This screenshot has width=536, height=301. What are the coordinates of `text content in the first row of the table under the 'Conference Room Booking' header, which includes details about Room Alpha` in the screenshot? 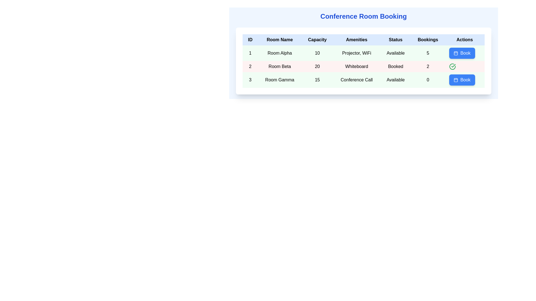 It's located at (363, 53).